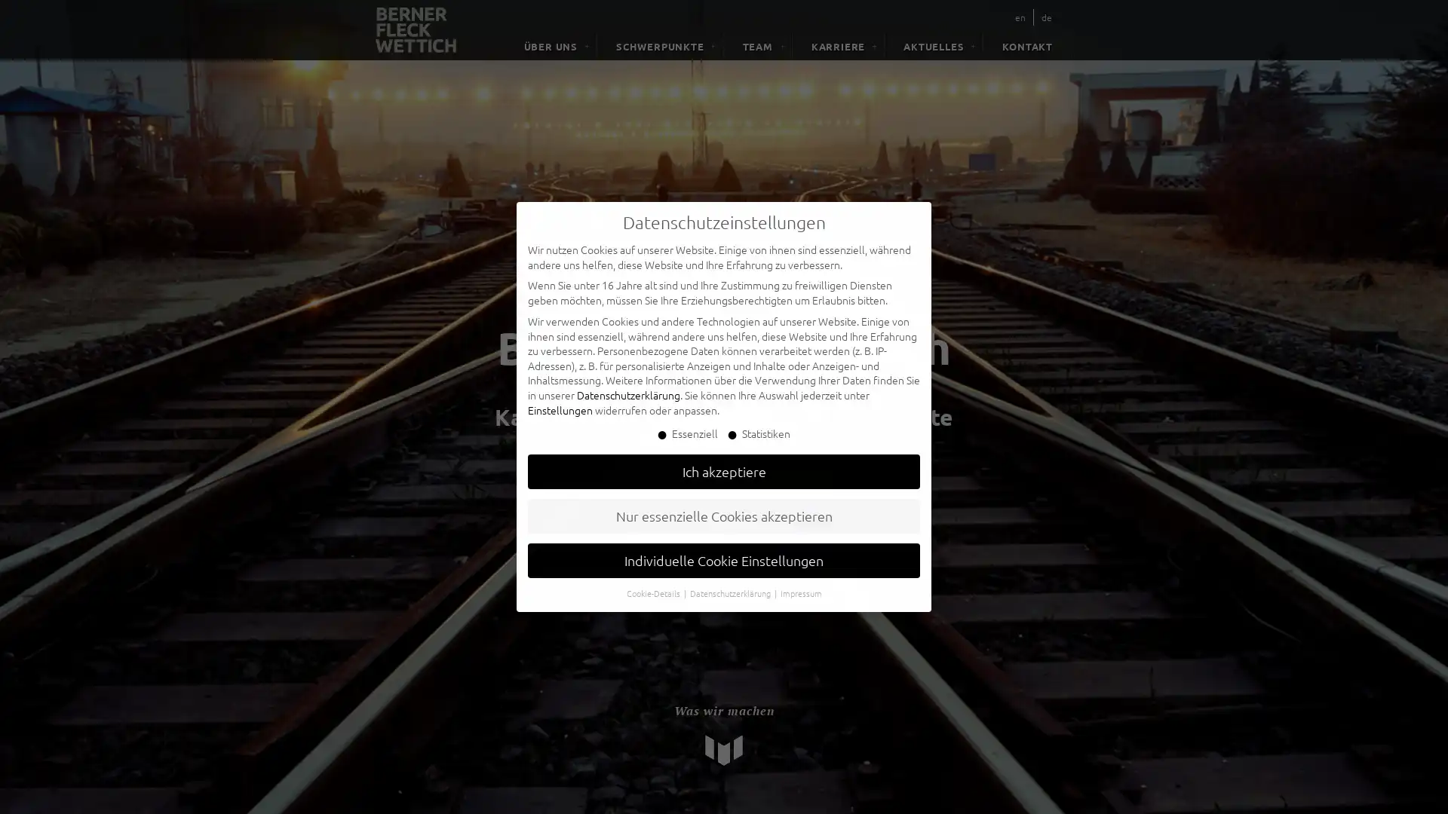 The height and width of the screenshot is (814, 1448). I want to click on Nur essenzielle Cookies akzeptieren, so click(724, 516).